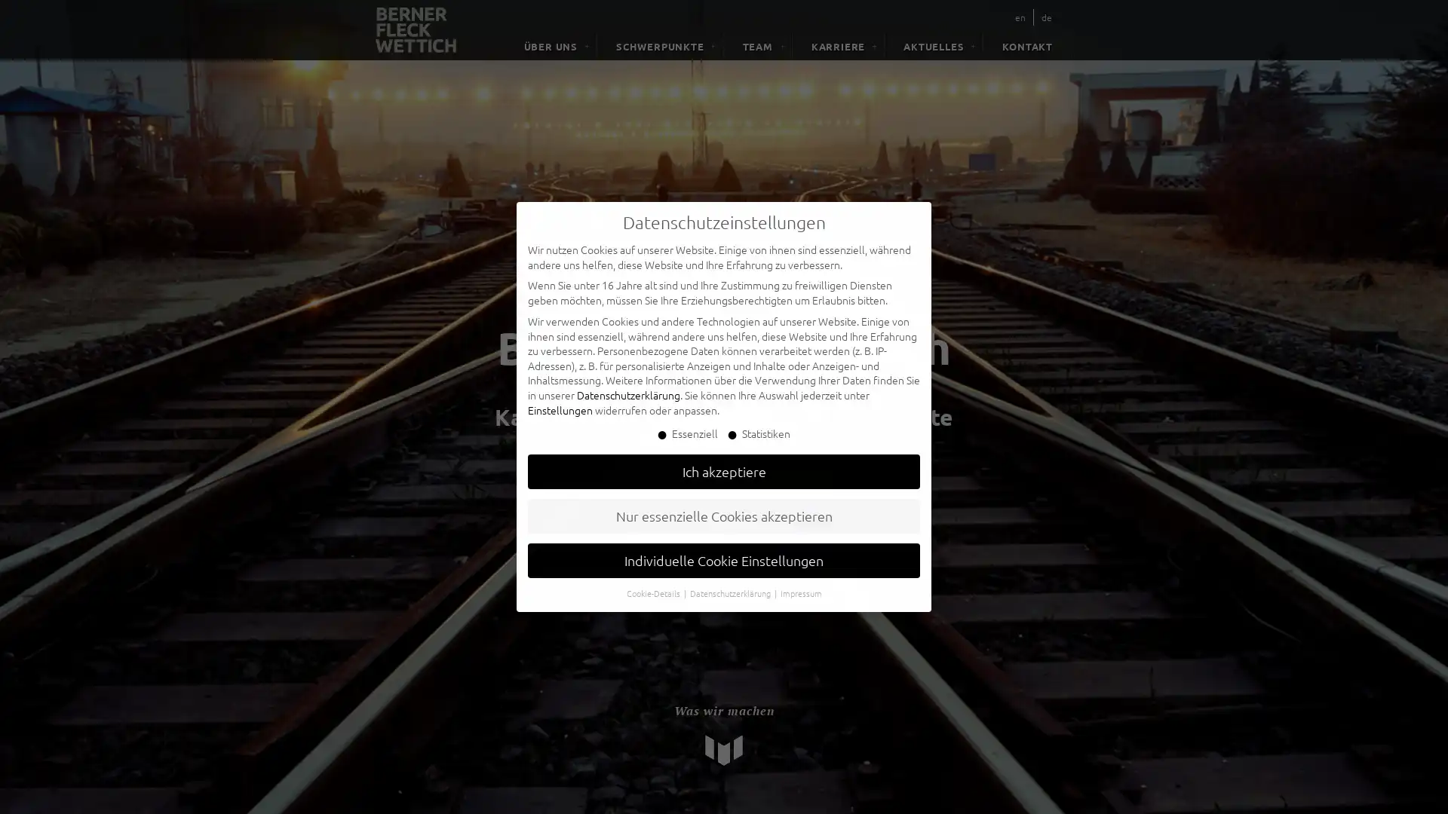 The height and width of the screenshot is (814, 1448). I want to click on Nur essenzielle Cookies akzeptieren, so click(724, 516).